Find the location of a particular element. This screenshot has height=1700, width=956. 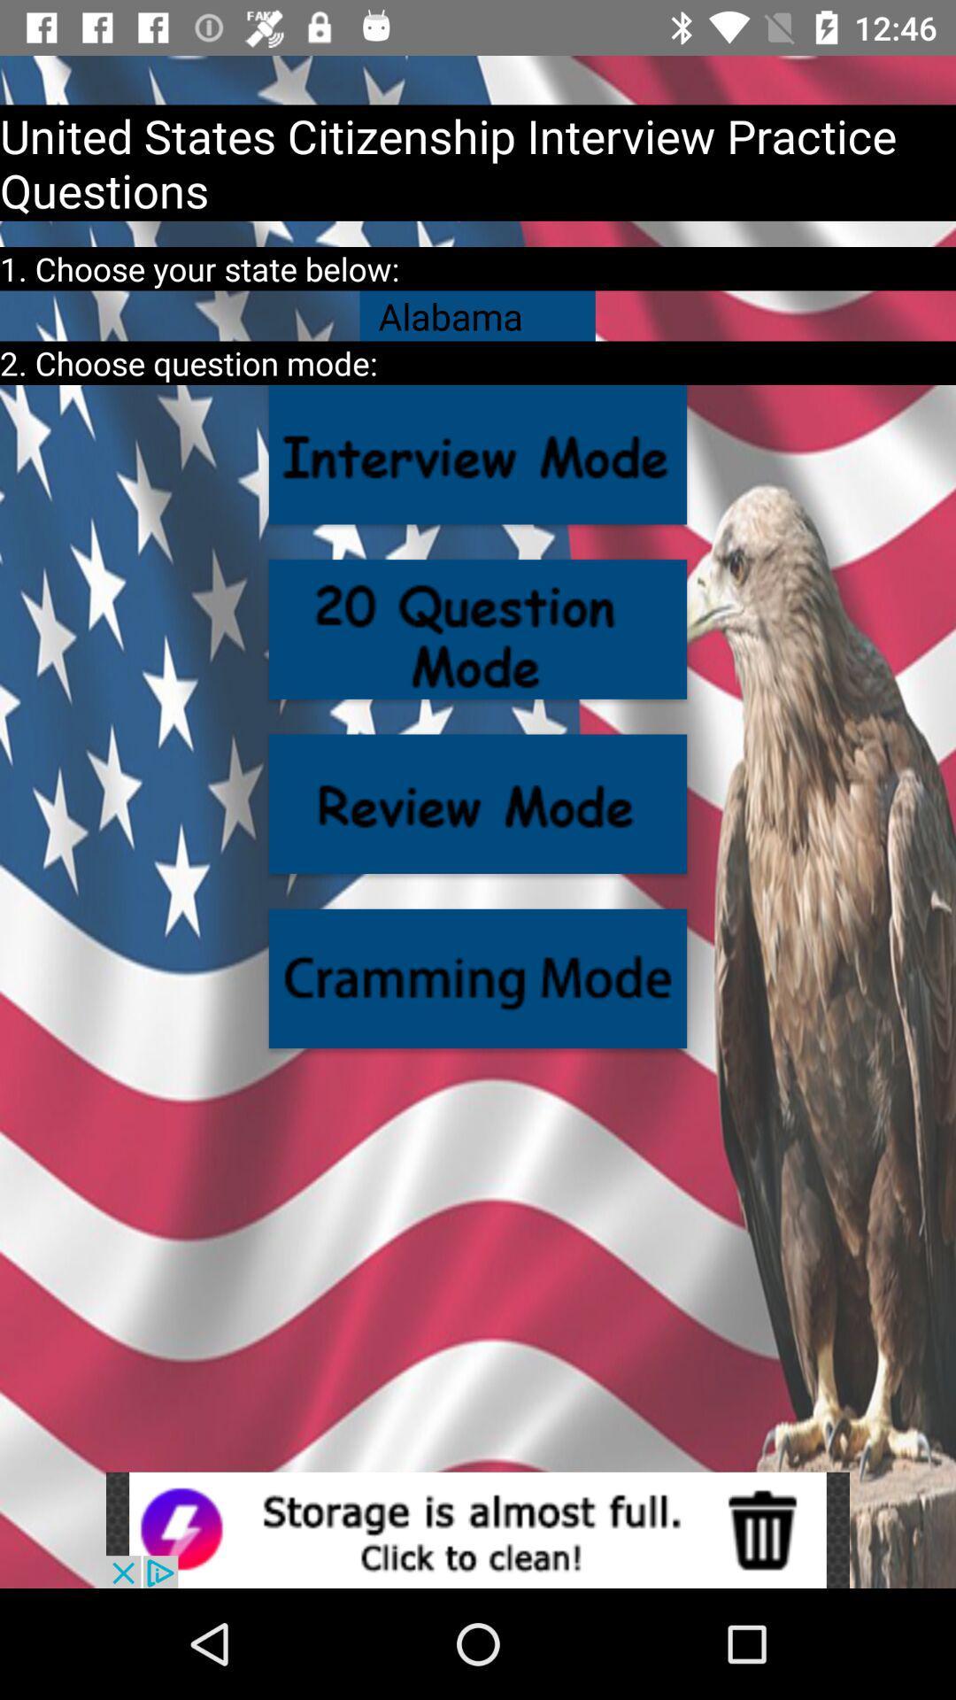

question mode is located at coordinates (478, 629).